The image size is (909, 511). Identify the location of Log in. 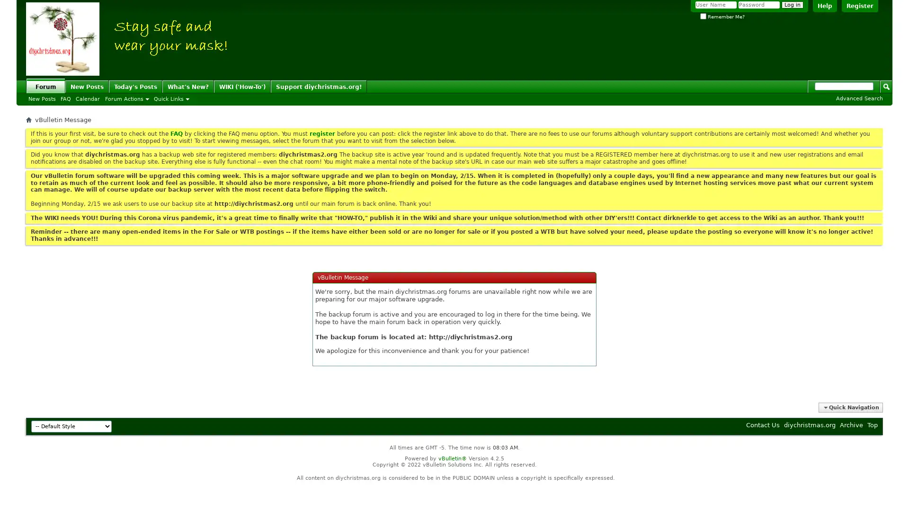
(793, 5).